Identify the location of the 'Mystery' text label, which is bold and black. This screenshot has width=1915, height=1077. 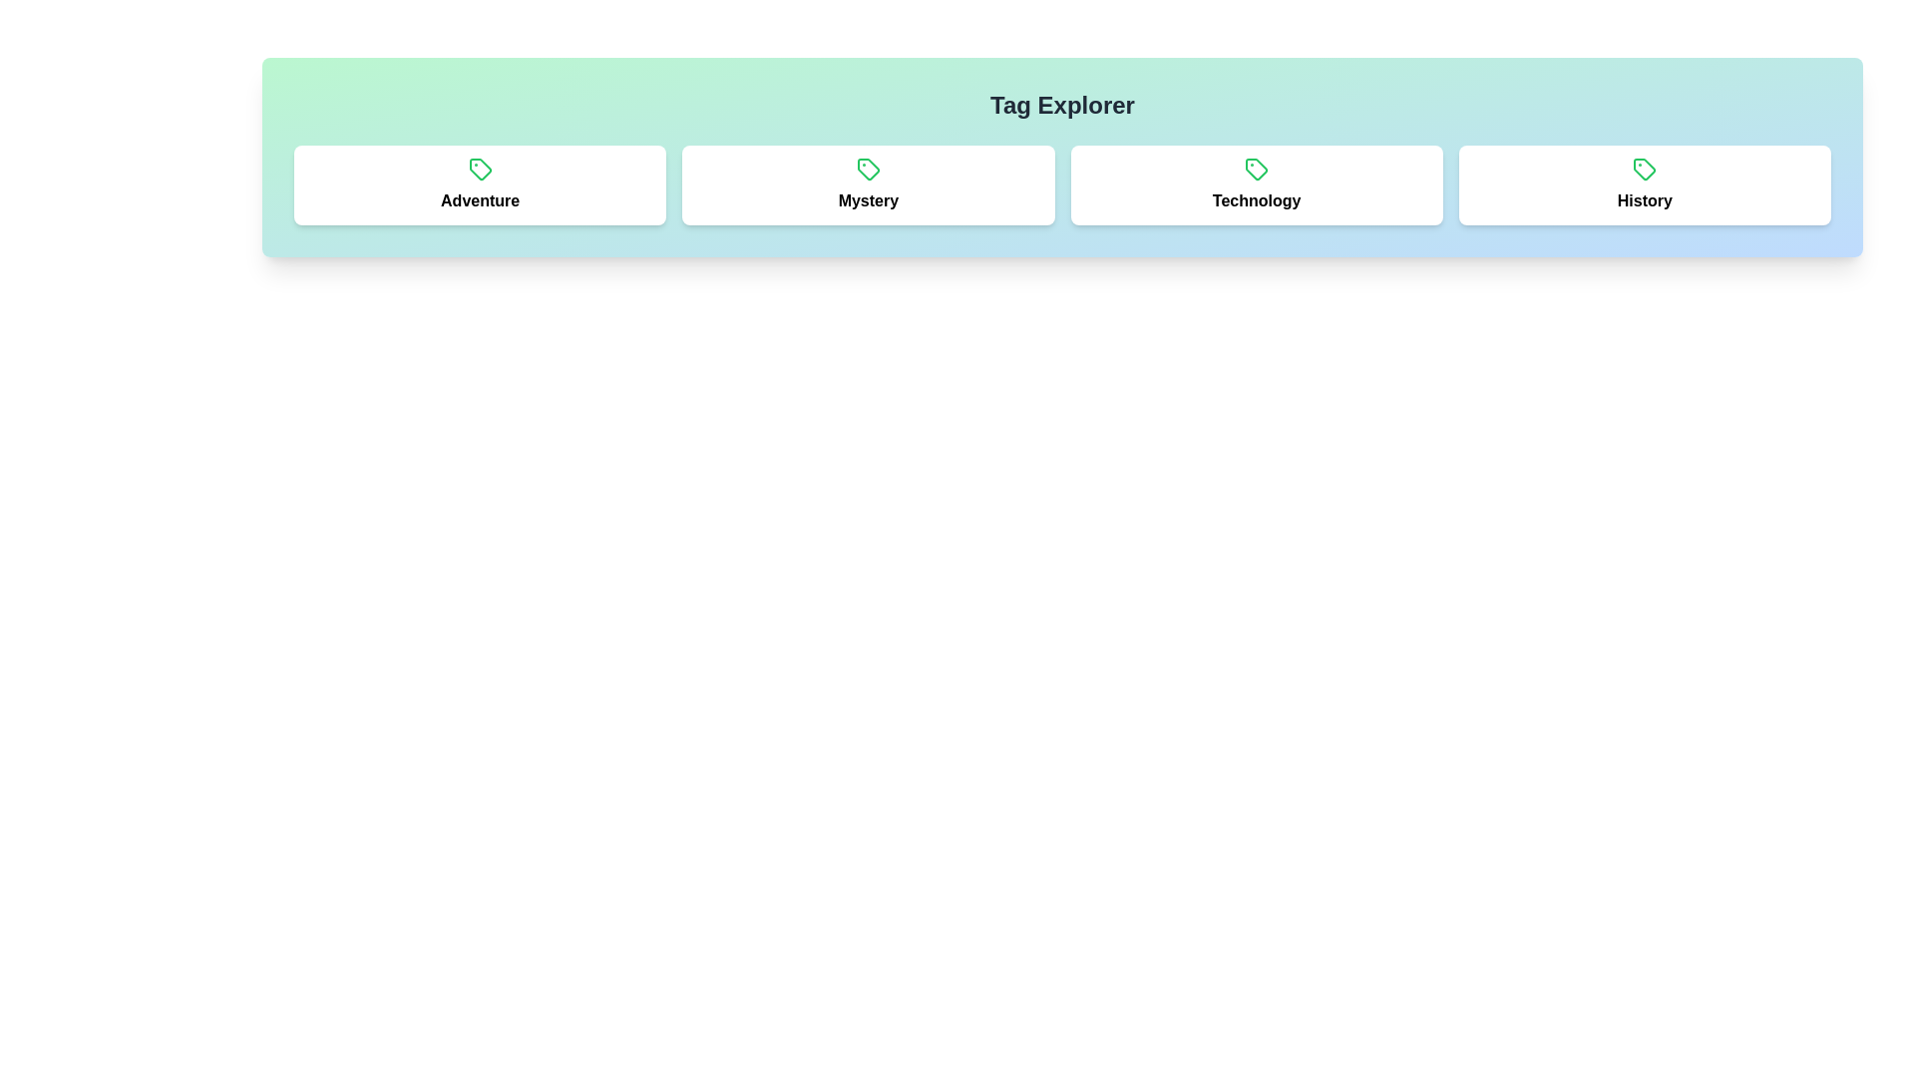
(868, 200).